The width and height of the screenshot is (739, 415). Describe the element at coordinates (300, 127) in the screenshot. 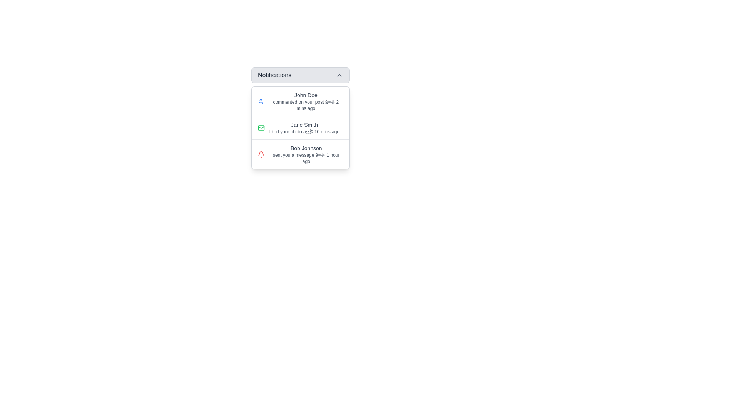

I see `notification details for the entry titled 'Jane Smith' in the Notifications card, which is the second item in the list` at that location.